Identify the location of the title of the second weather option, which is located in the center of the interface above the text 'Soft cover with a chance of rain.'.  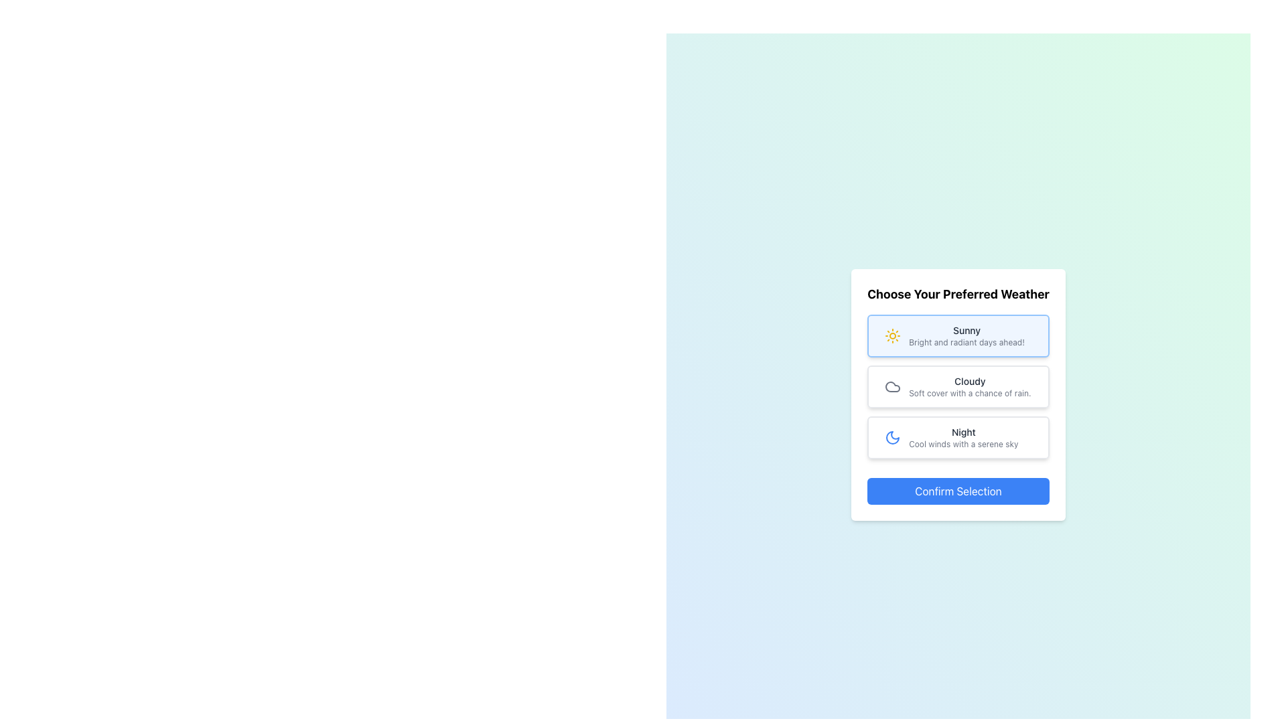
(970, 382).